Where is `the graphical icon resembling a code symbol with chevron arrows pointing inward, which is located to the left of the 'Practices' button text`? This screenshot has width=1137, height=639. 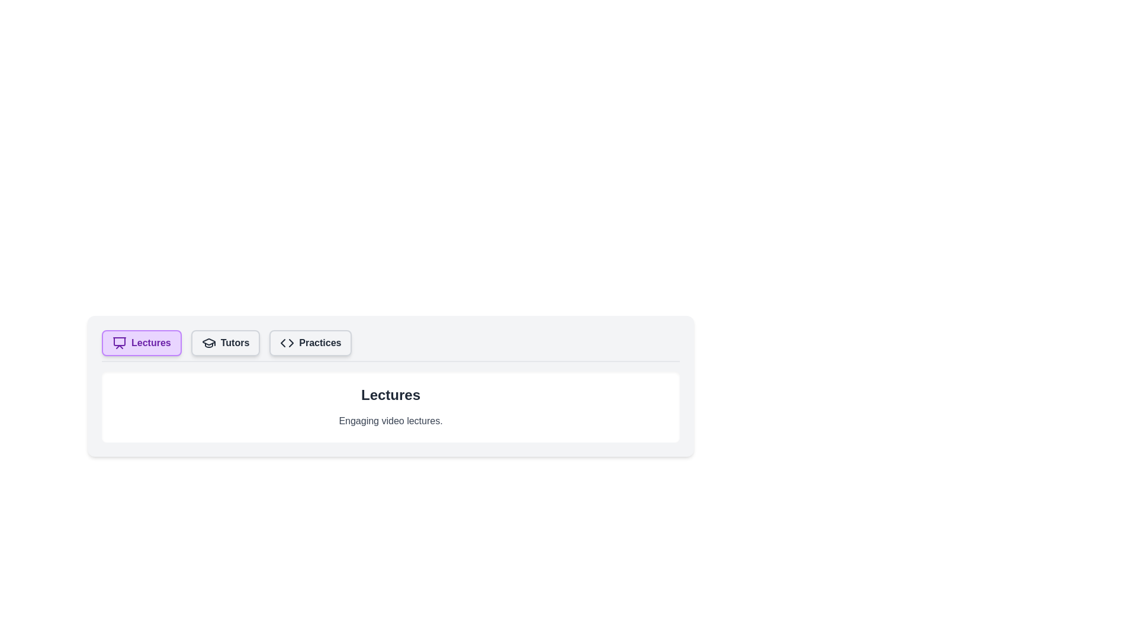
the graphical icon resembling a code symbol with chevron arrows pointing inward, which is located to the left of the 'Practices' button text is located at coordinates (287, 343).